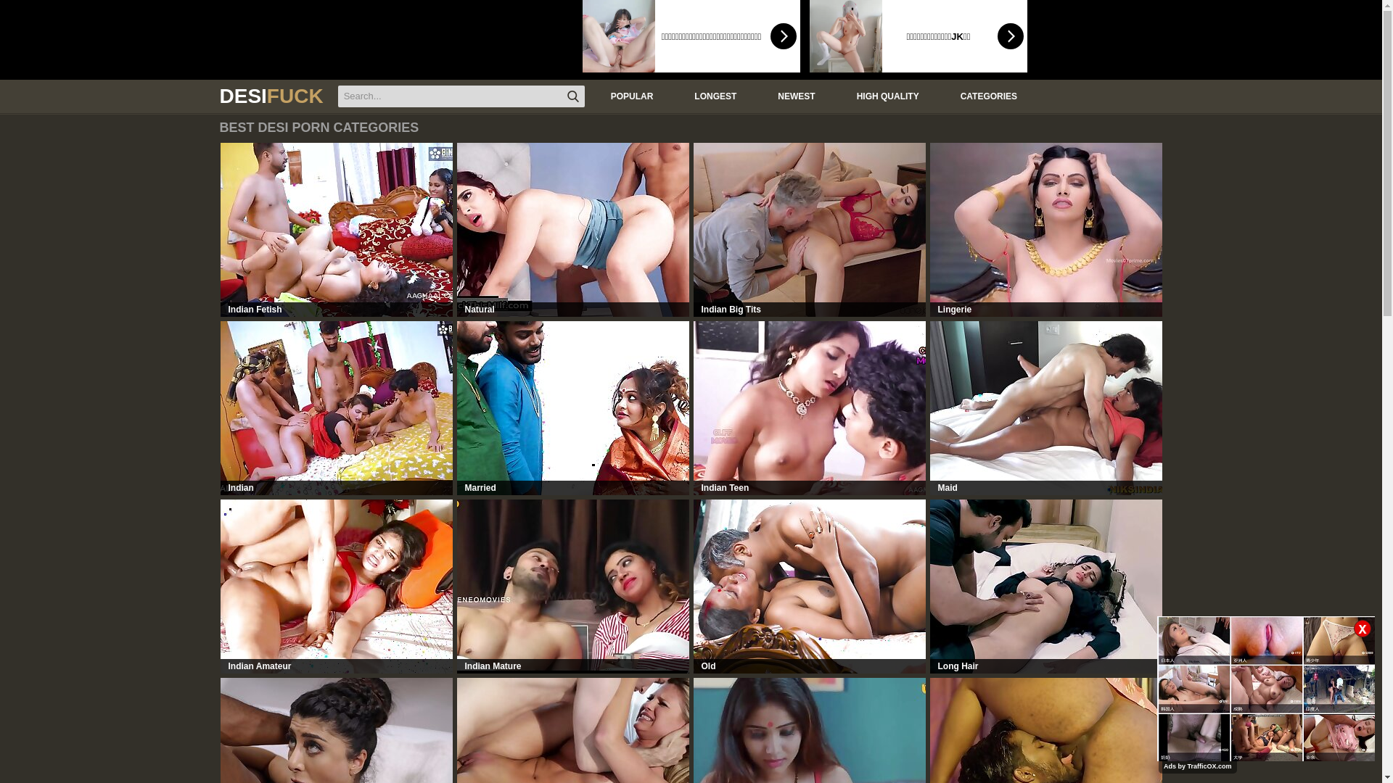 The height and width of the screenshot is (783, 1393). What do you see at coordinates (630, 96) in the screenshot?
I see `'POPULAR'` at bounding box center [630, 96].